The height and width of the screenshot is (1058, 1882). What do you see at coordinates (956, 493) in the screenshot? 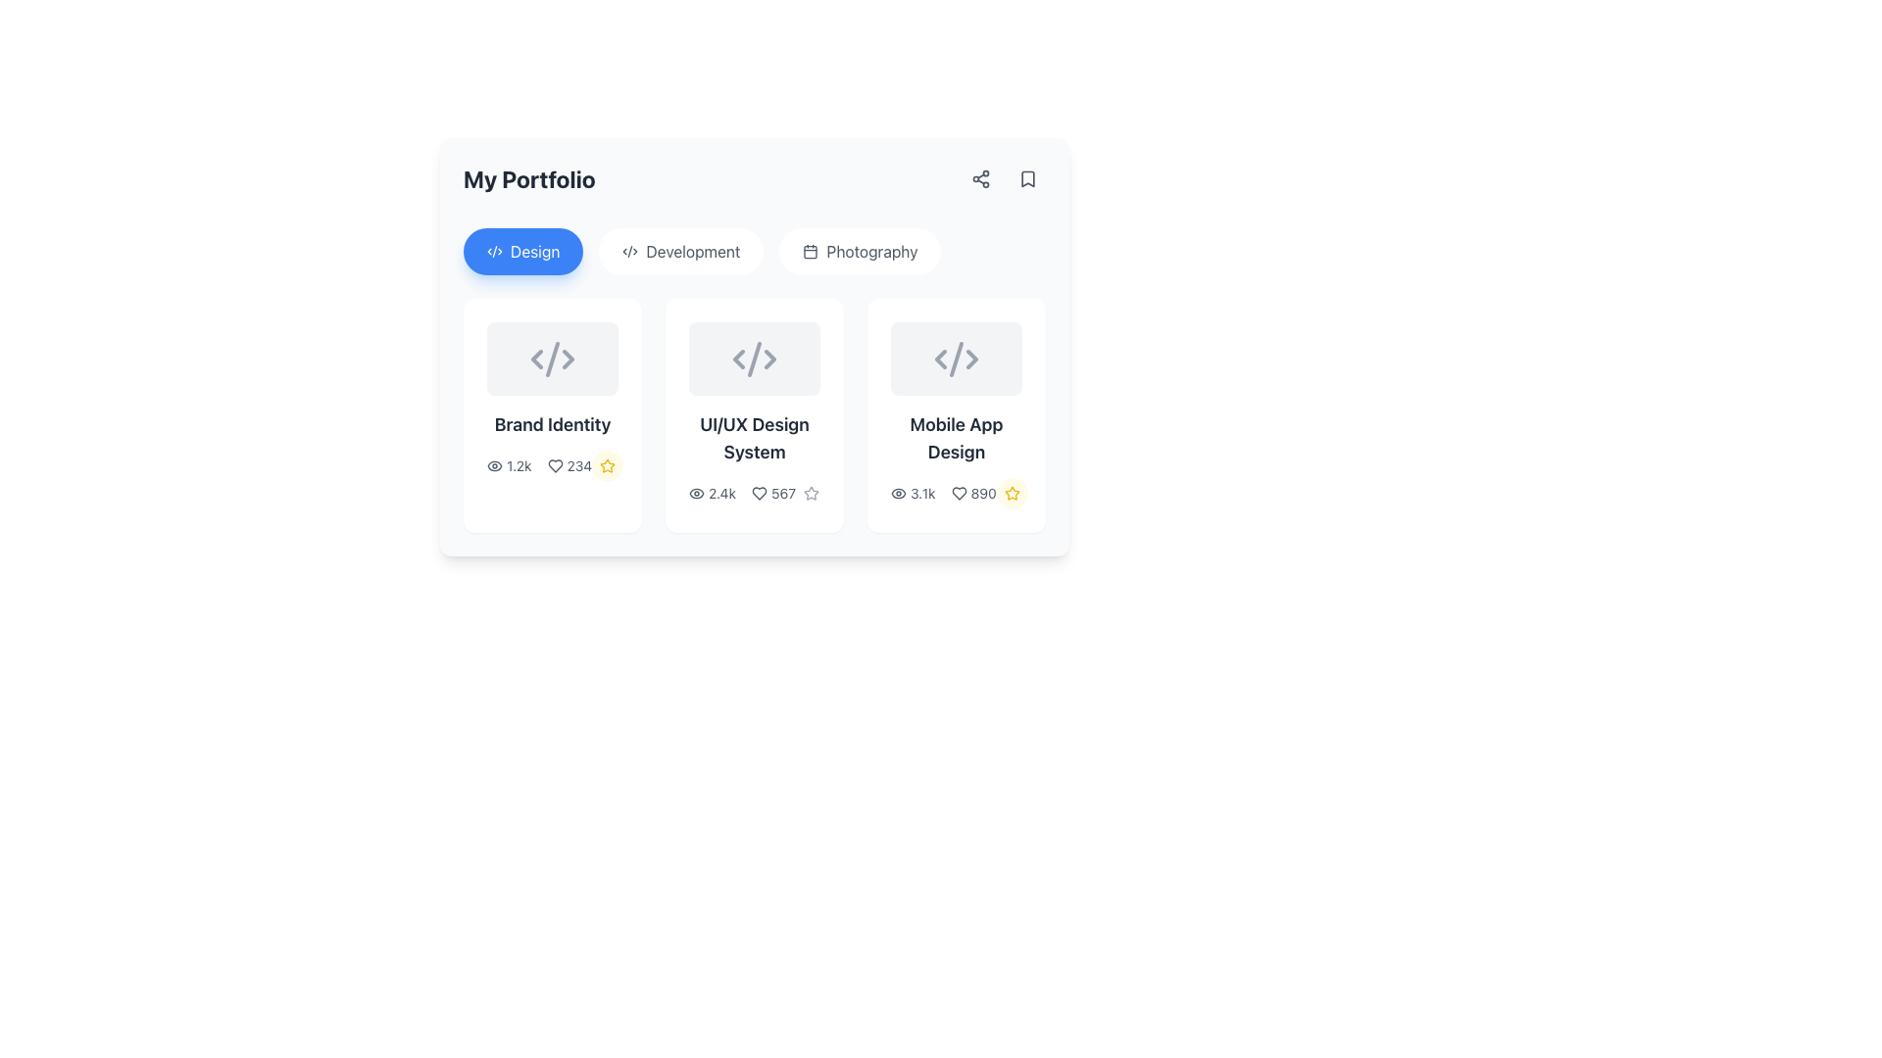
I see `the text '890' which is displayed in gray next to a red heart icon, located in the 'Mobile App Design' card as the central element in a row of three` at bounding box center [956, 493].